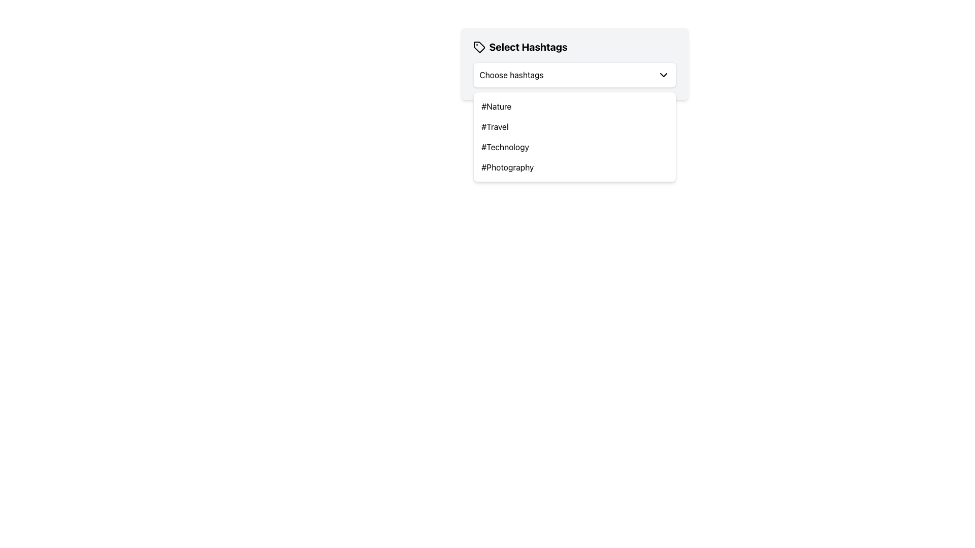 The height and width of the screenshot is (548, 975). I want to click on the selectable list item displaying the hashtag '#Nature' in bold, black font, which is the topmost item in the 'Select Hashtags' menu, so click(574, 106).